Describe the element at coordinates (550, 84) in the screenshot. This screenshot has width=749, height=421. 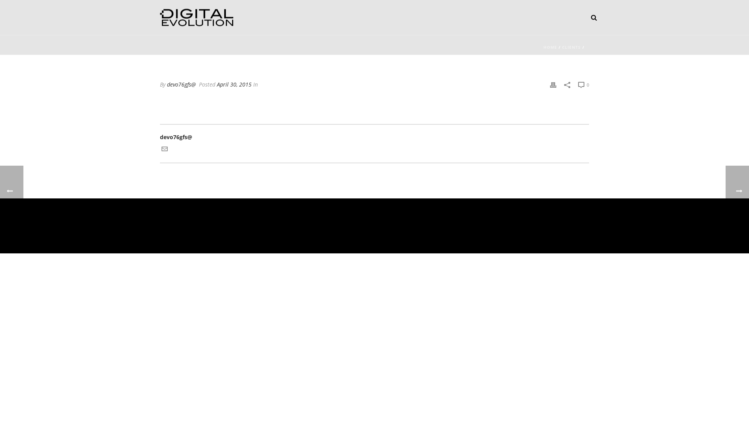
I see `'Print'` at that location.